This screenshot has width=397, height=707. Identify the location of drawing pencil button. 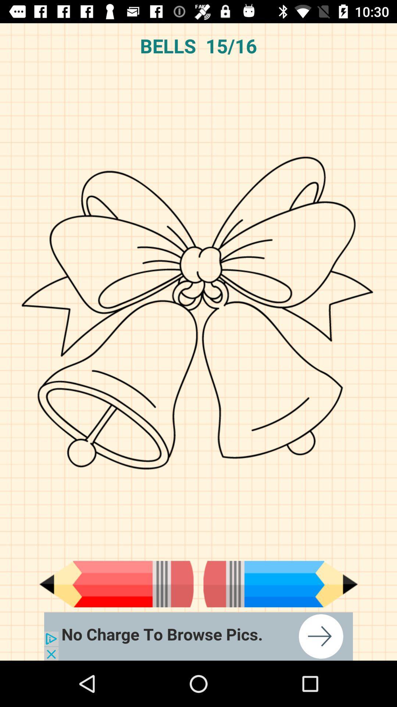
(116, 584).